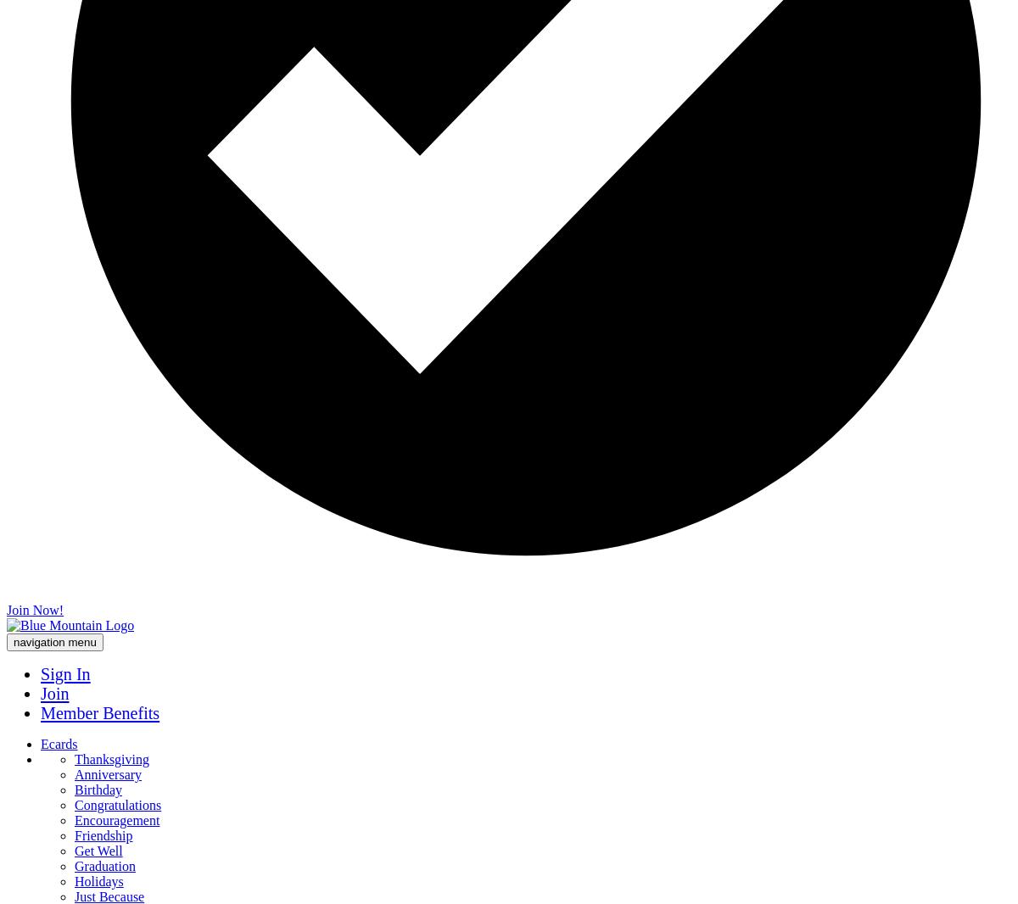 The image size is (1018, 904). I want to click on 'Join Now!', so click(7, 609).